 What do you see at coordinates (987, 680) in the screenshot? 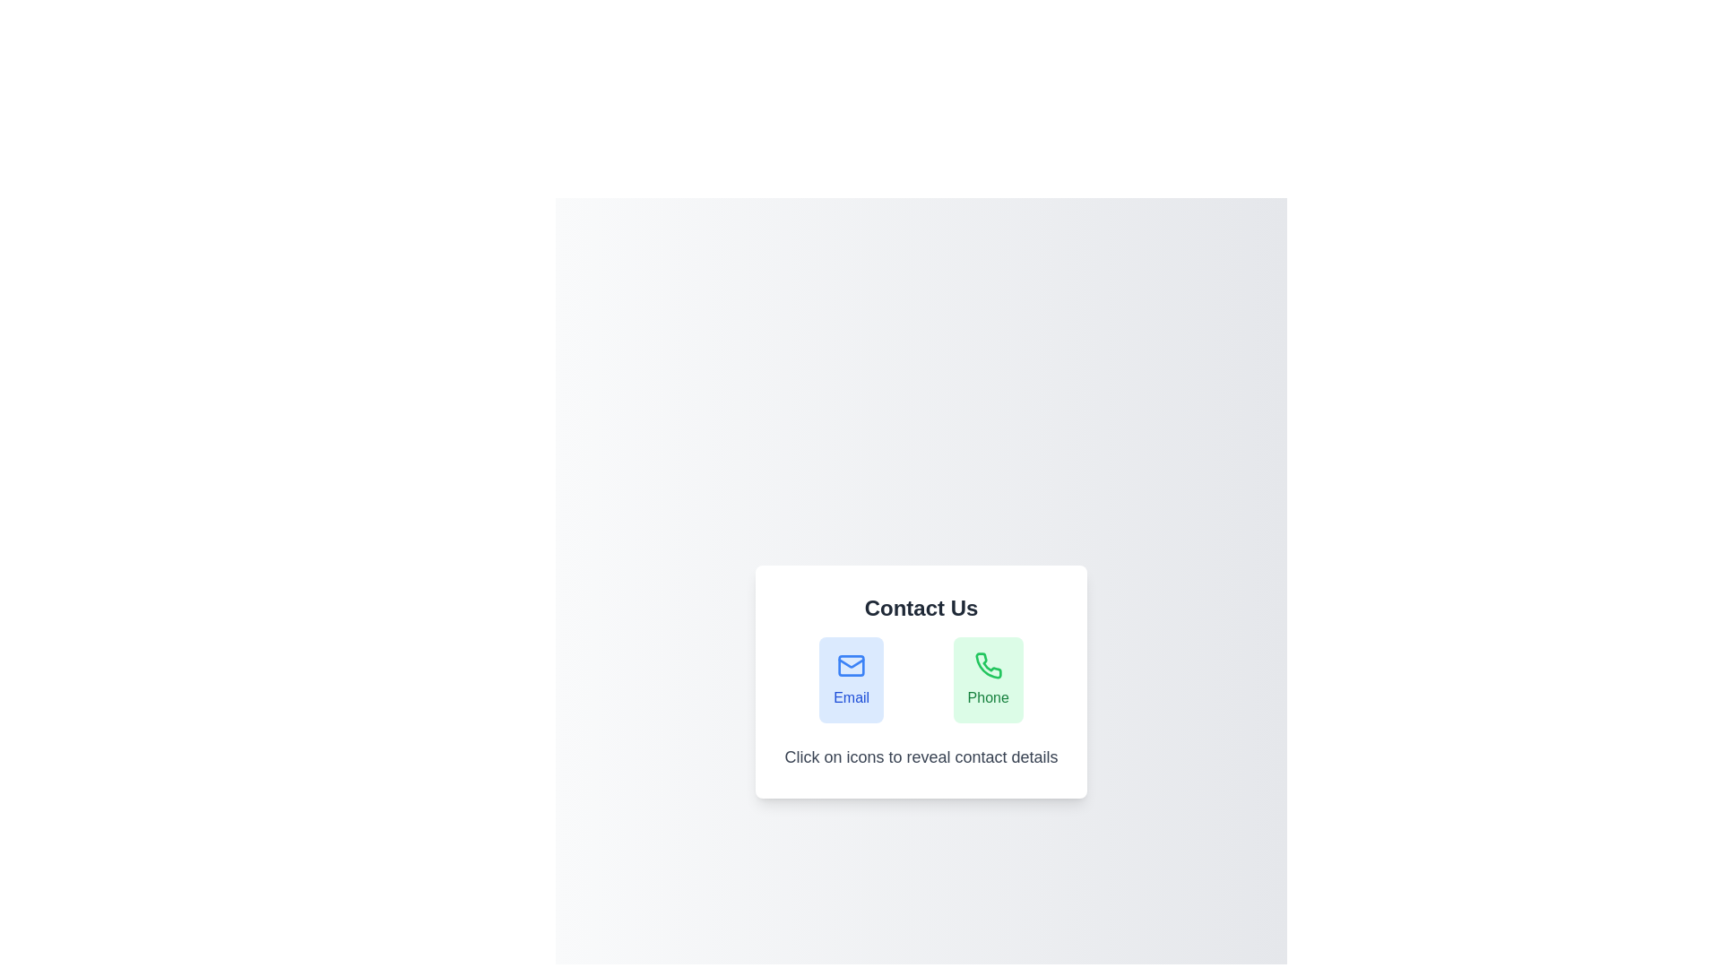
I see `the green button with a phone icon and label underneath` at bounding box center [987, 680].